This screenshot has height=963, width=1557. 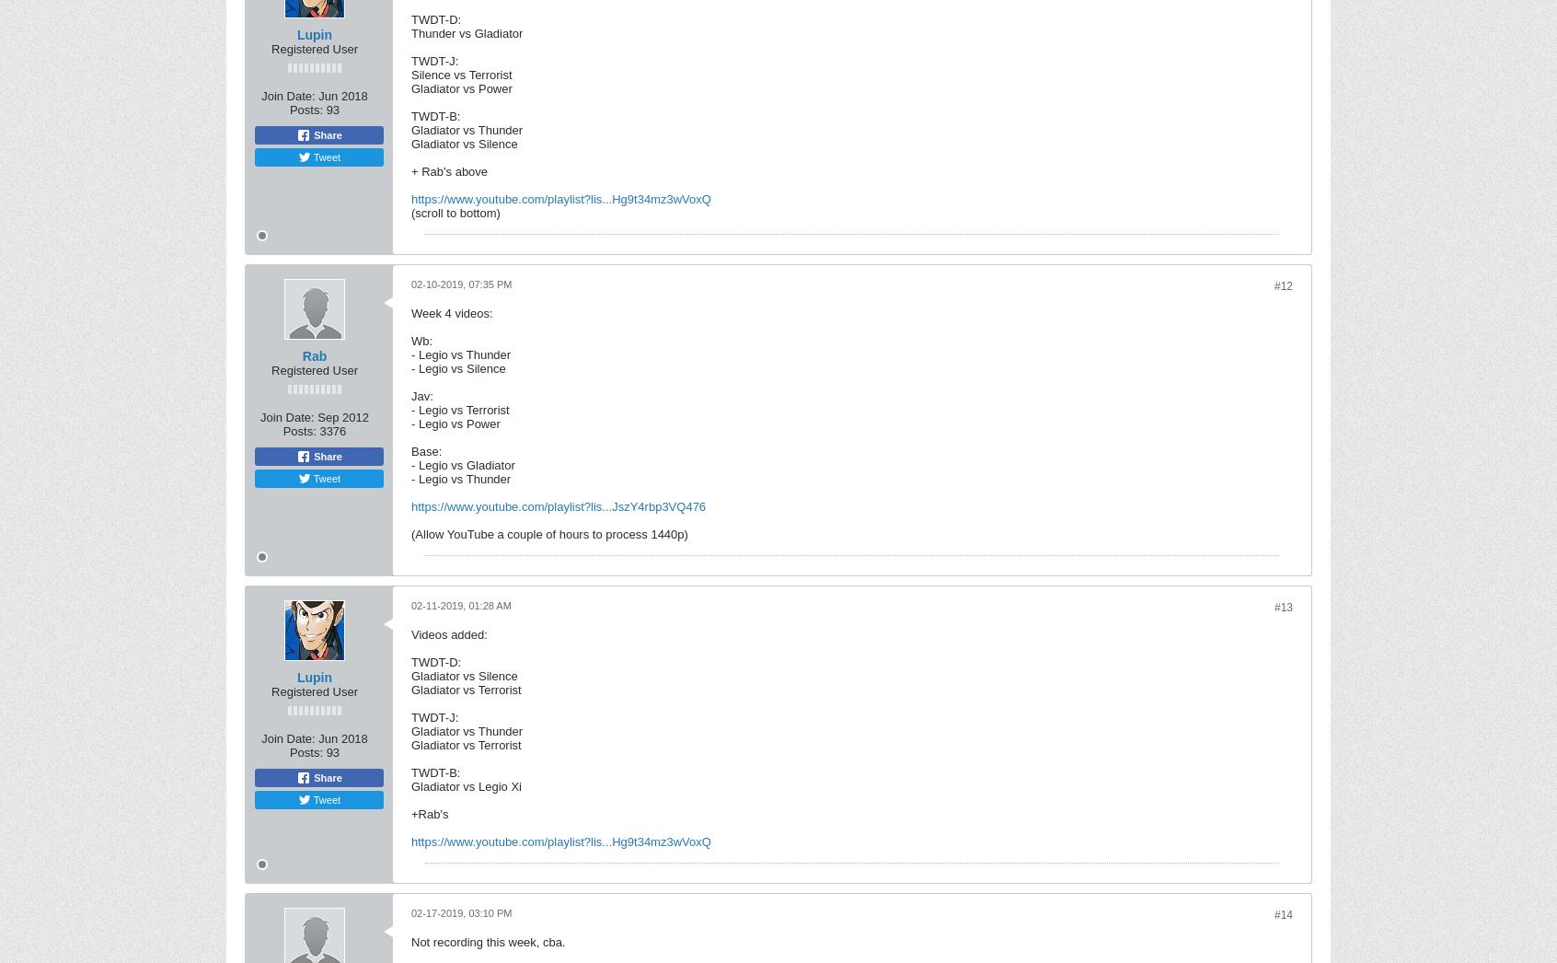 I want to click on 'Rab', so click(x=301, y=356).